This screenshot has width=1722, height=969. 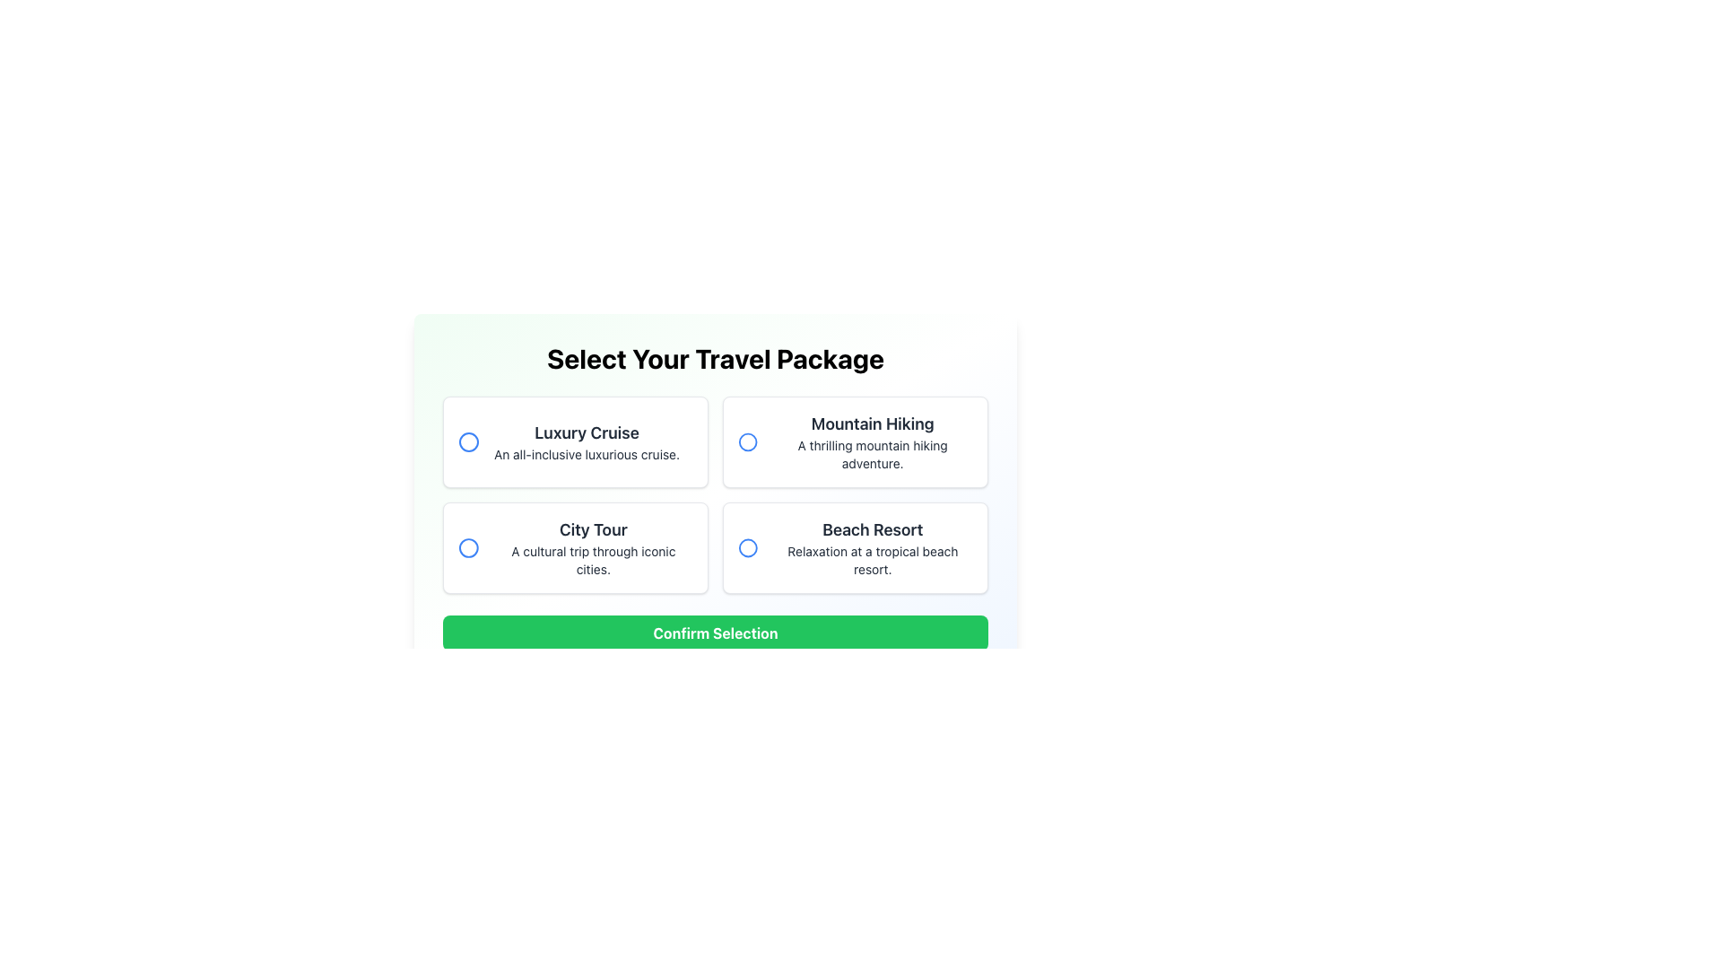 I want to click on the circular radio button with a blue outline located to the left of the text 'City Tour A cultural trip through iconic cities.', so click(x=468, y=546).